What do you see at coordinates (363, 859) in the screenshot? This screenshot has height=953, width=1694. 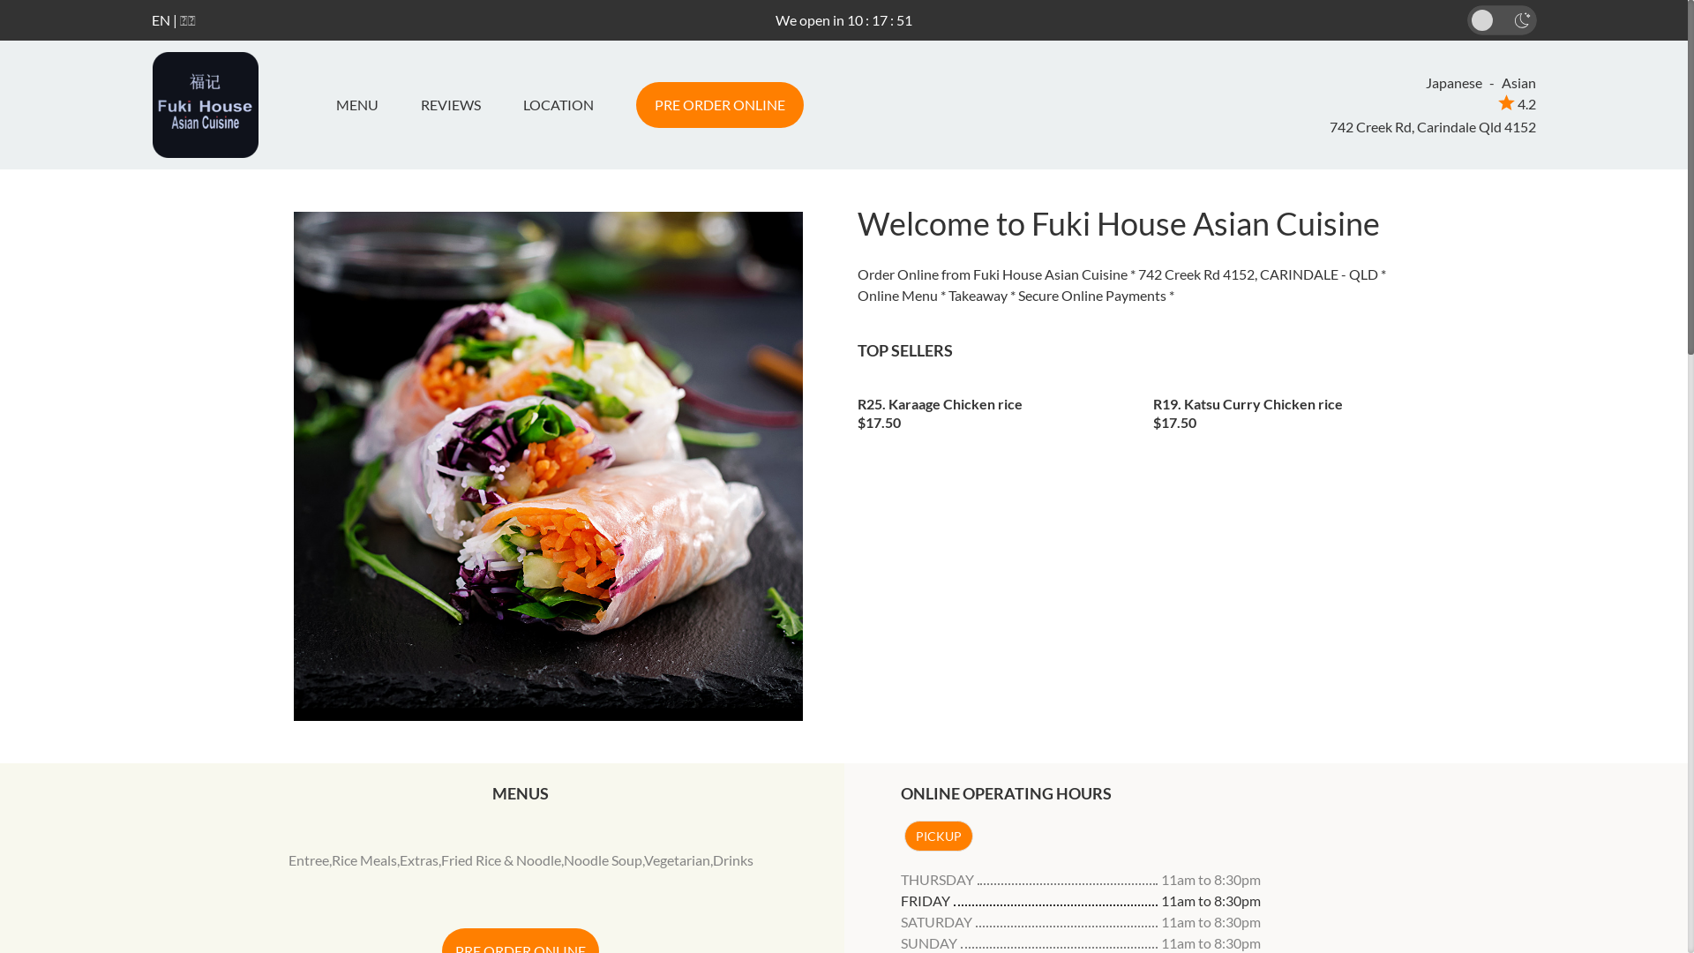 I see `'Rice Meals'` at bounding box center [363, 859].